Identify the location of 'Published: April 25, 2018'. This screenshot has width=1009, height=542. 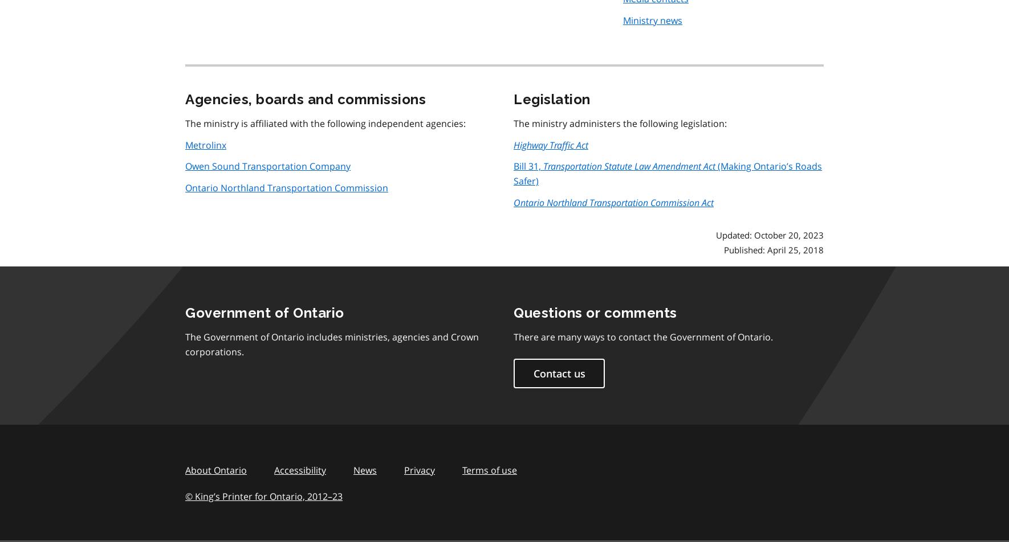
(774, 249).